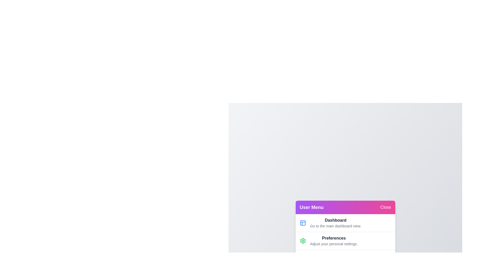  Describe the element at coordinates (345, 241) in the screenshot. I see `the menu item labeled 'Preferences' to highlight it` at that location.